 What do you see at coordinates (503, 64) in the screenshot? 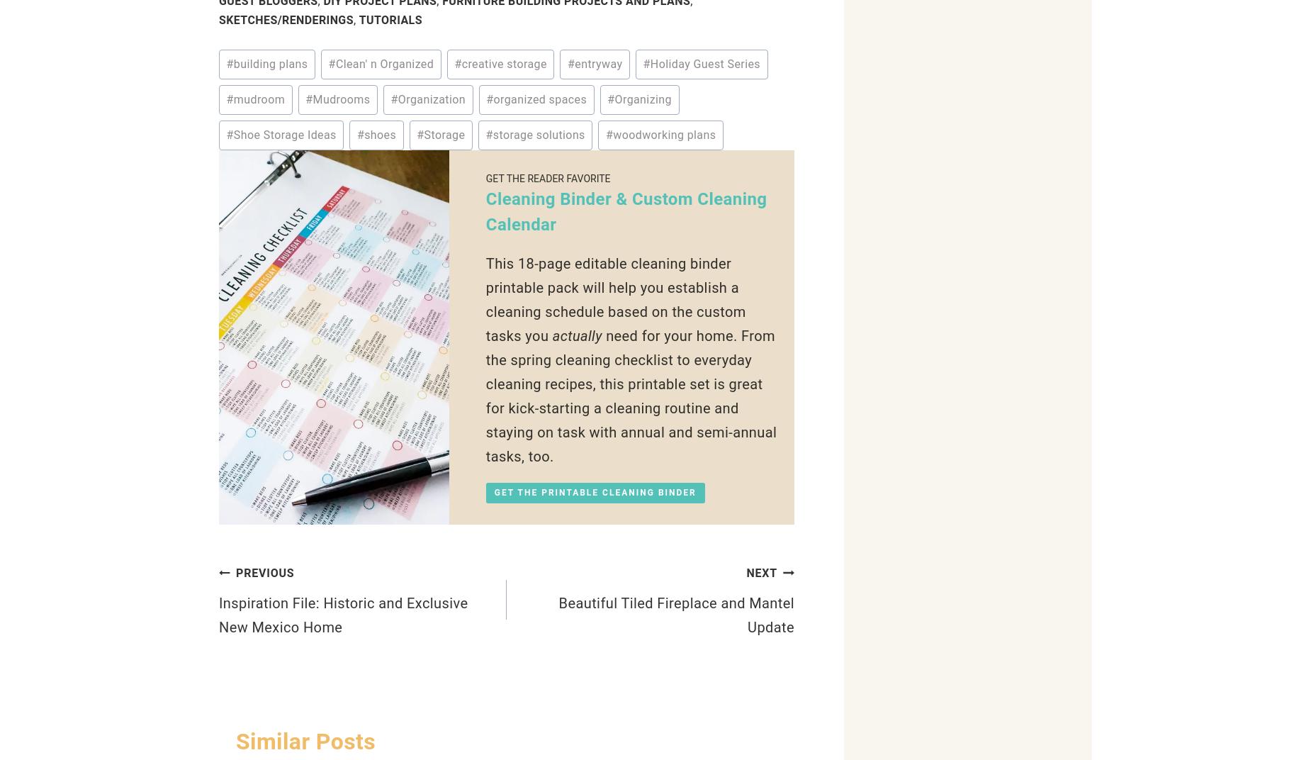
I see `'creative storage'` at bounding box center [503, 64].